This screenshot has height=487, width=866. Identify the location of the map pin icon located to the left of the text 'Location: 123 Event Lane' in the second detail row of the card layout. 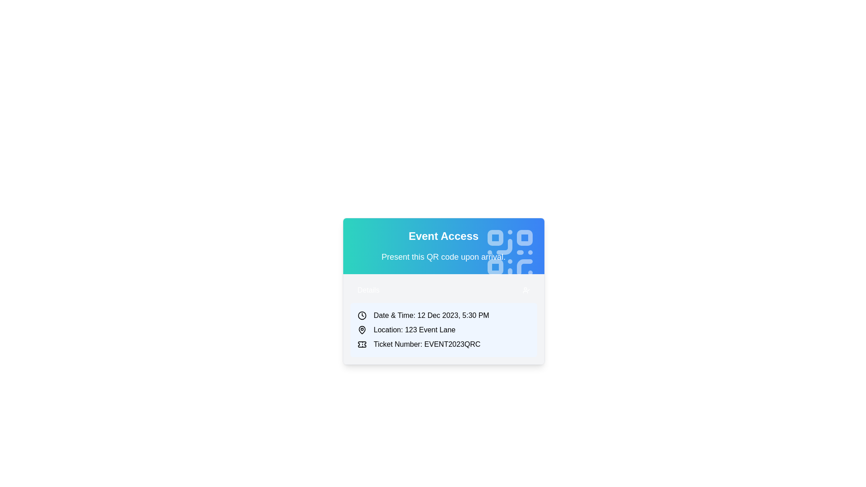
(362, 330).